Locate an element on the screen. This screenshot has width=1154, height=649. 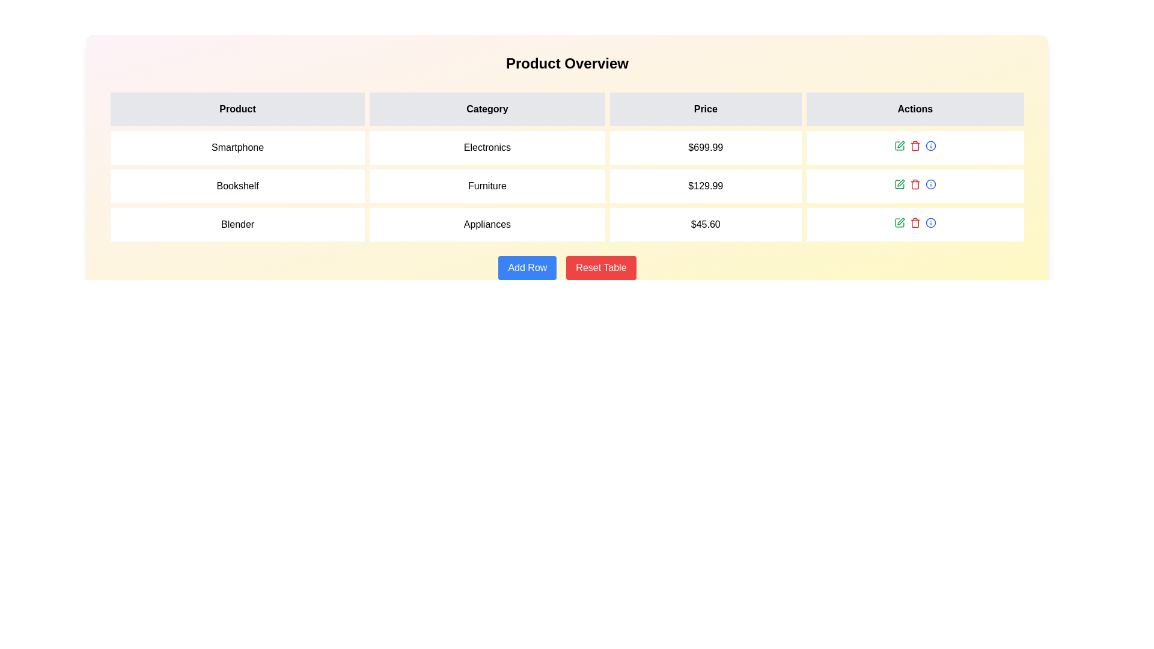
the static text displaying the price of the Smartphone in the 'Price' column of the 'Product Overview' table is located at coordinates (706, 147).